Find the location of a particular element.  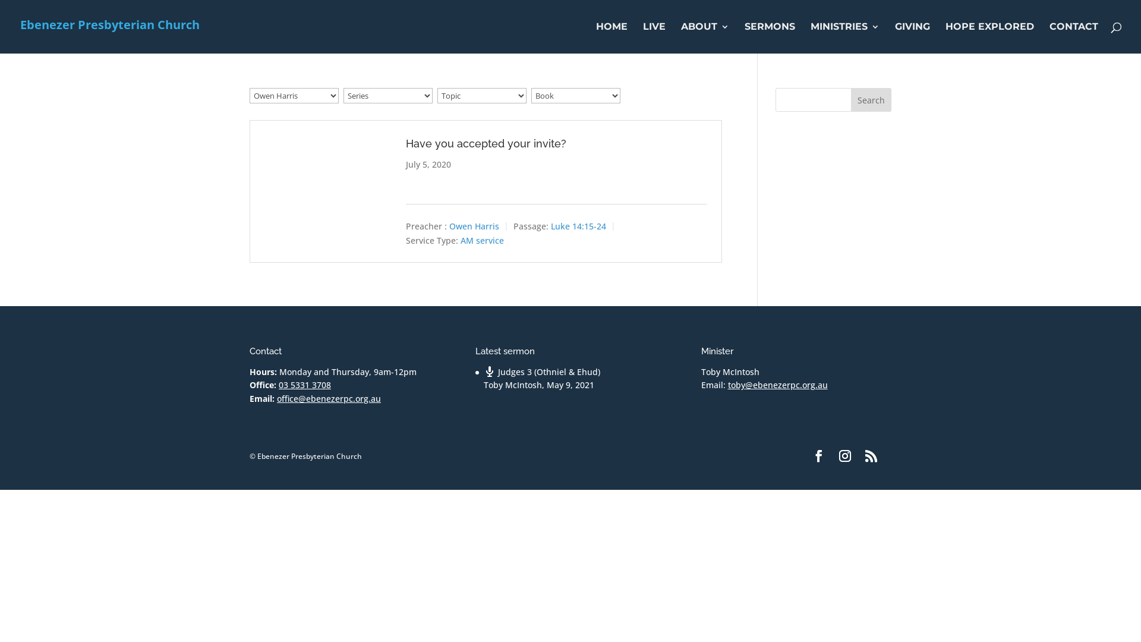

'ABOUT' is located at coordinates (705, 37).